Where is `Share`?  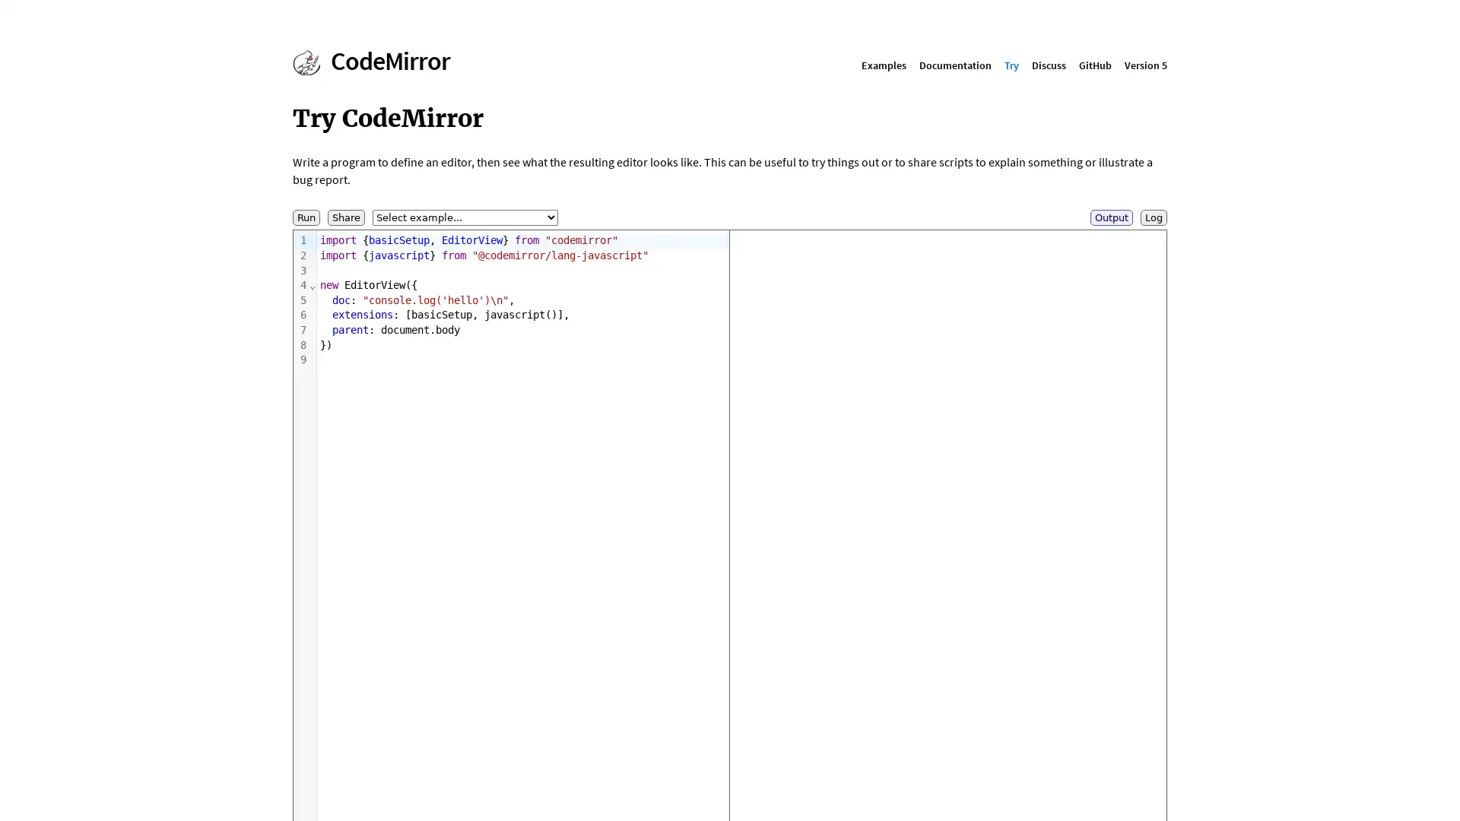
Share is located at coordinates (345, 217).